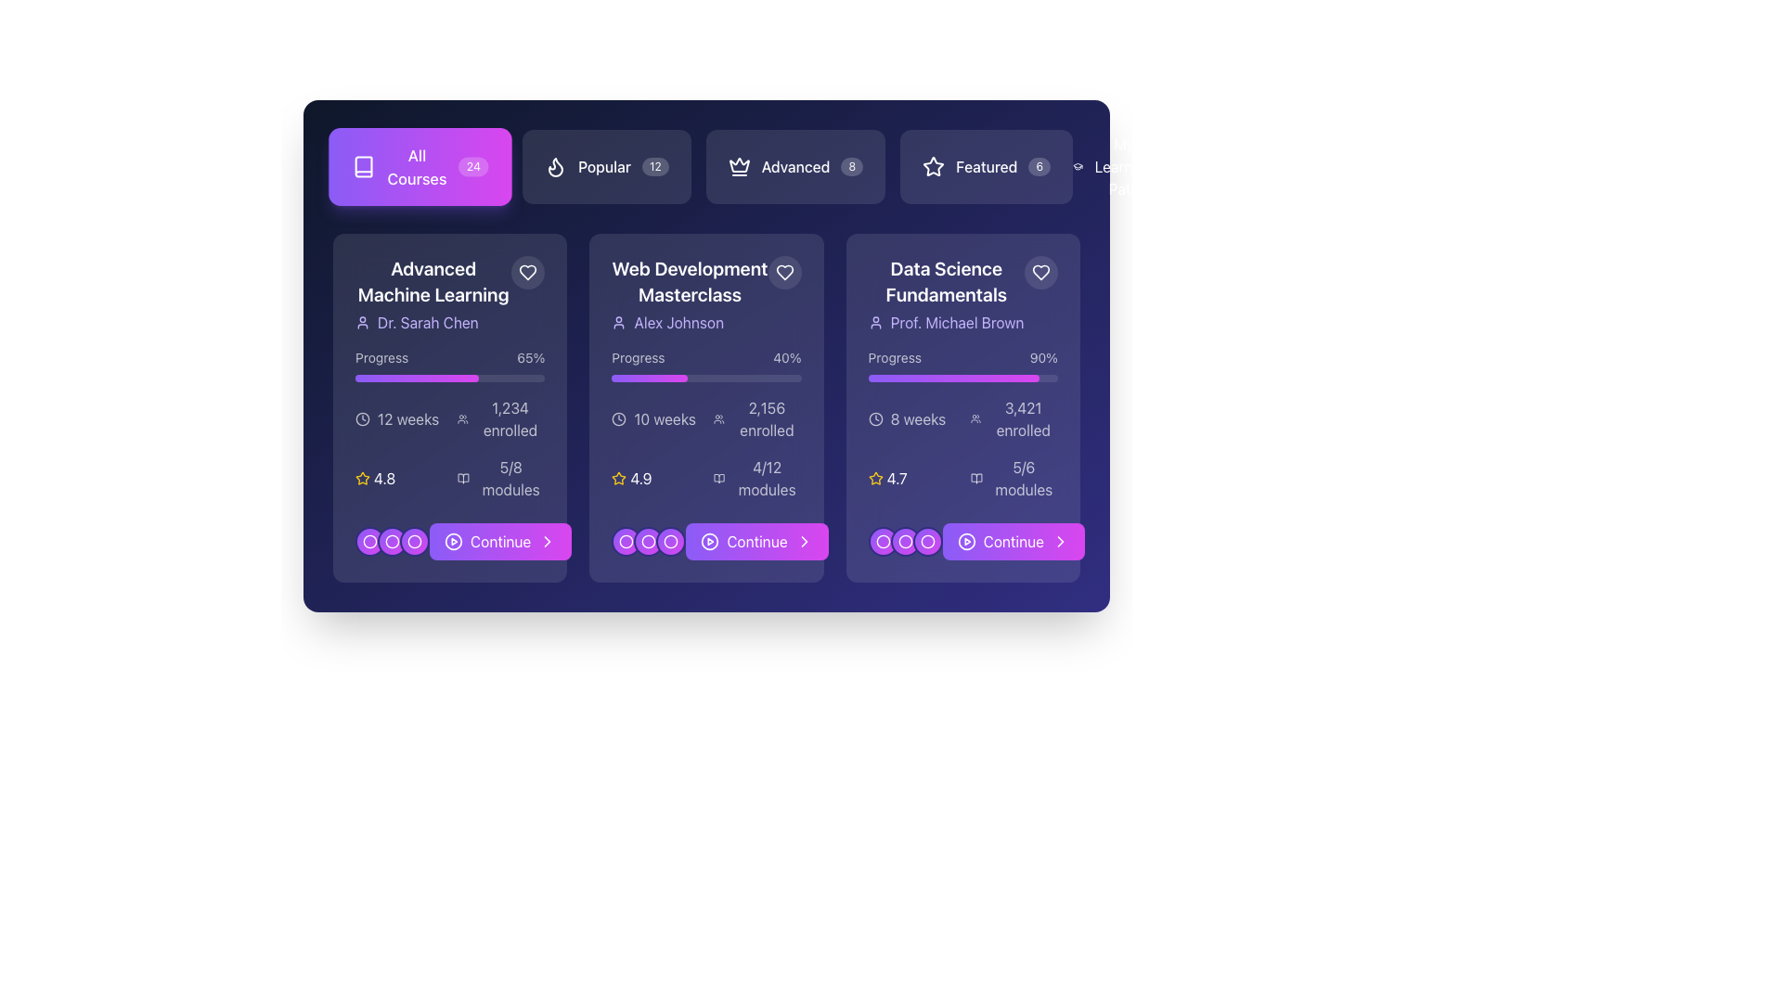 This screenshot has width=1782, height=1002. Describe the element at coordinates (655, 167) in the screenshot. I see `the rounded rectangular badge displaying the number '12' located within the 'Popular' button group in the navigation bar` at that location.